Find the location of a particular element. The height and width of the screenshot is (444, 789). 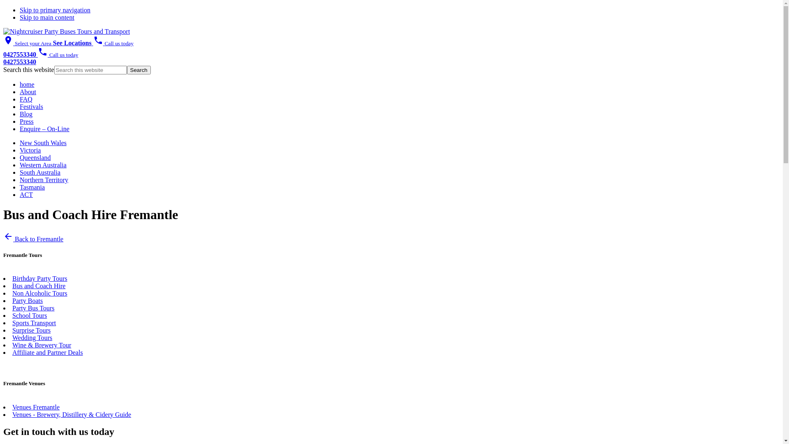

'ACT' is located at coordinates (26, 194).